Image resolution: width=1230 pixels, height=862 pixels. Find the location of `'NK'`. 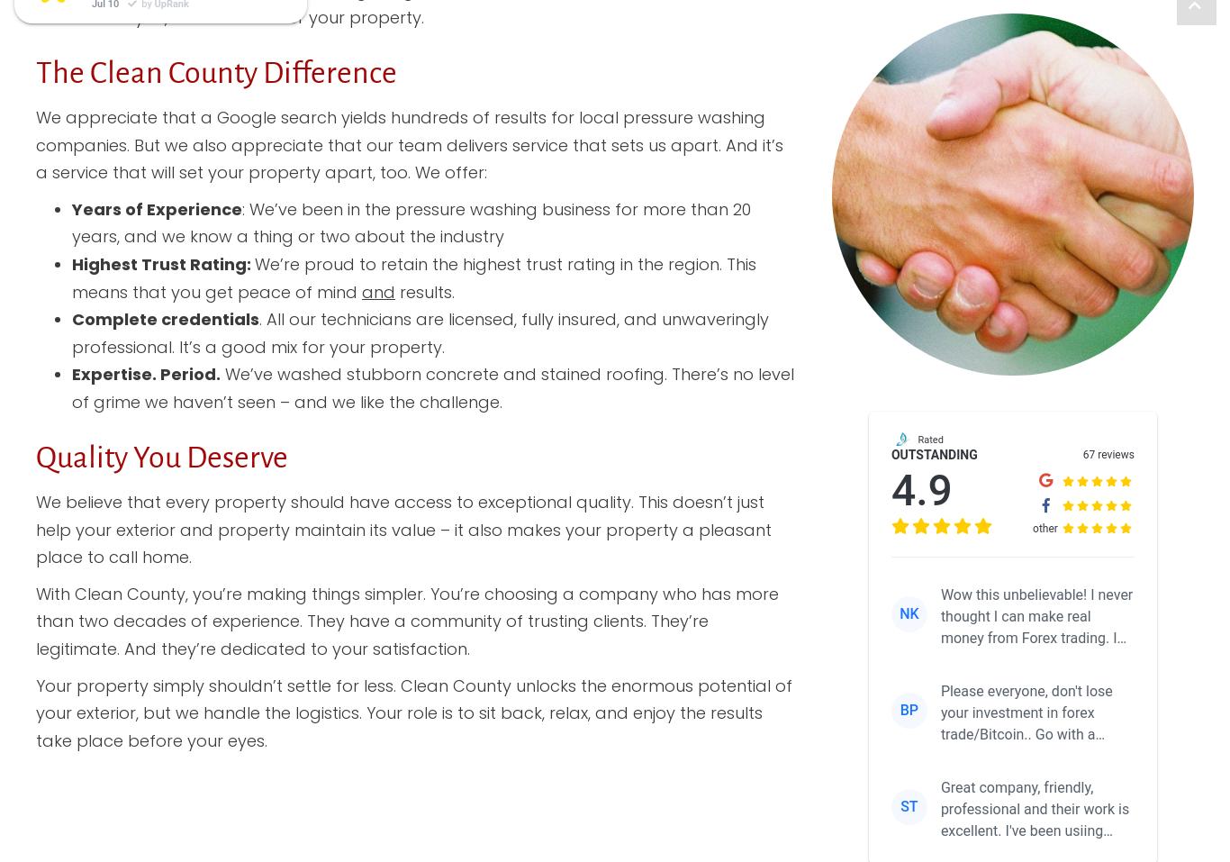

'NK' is located at coordinates (909, 613).